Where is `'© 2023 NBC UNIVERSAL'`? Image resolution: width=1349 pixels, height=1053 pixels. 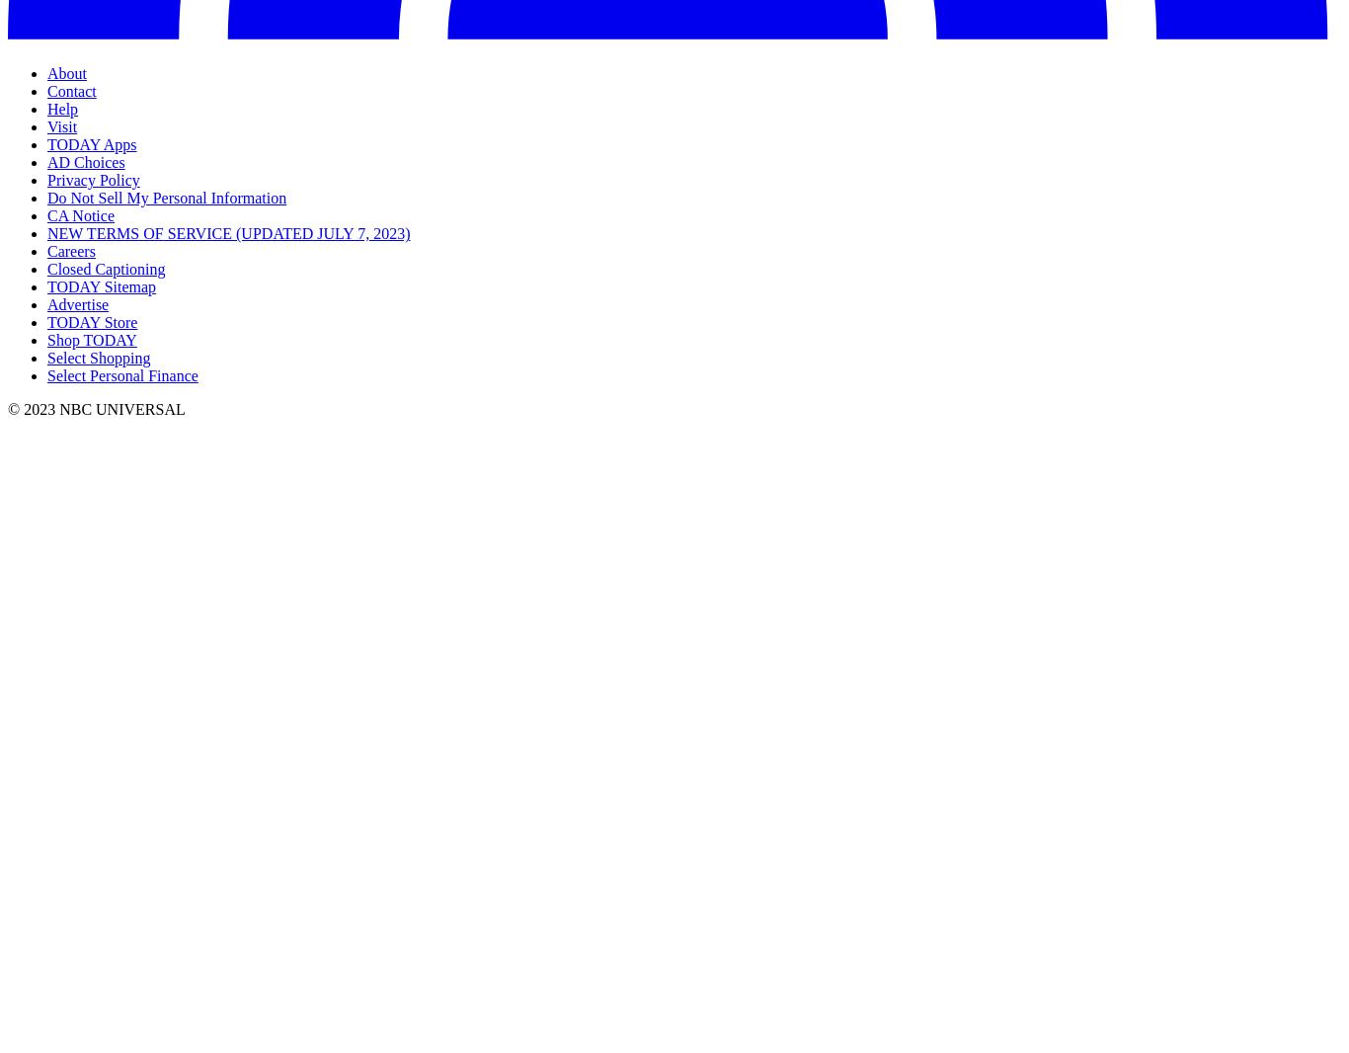 '© 2023 NBC UNIVERSAL' is located at coordinates (96, 409).